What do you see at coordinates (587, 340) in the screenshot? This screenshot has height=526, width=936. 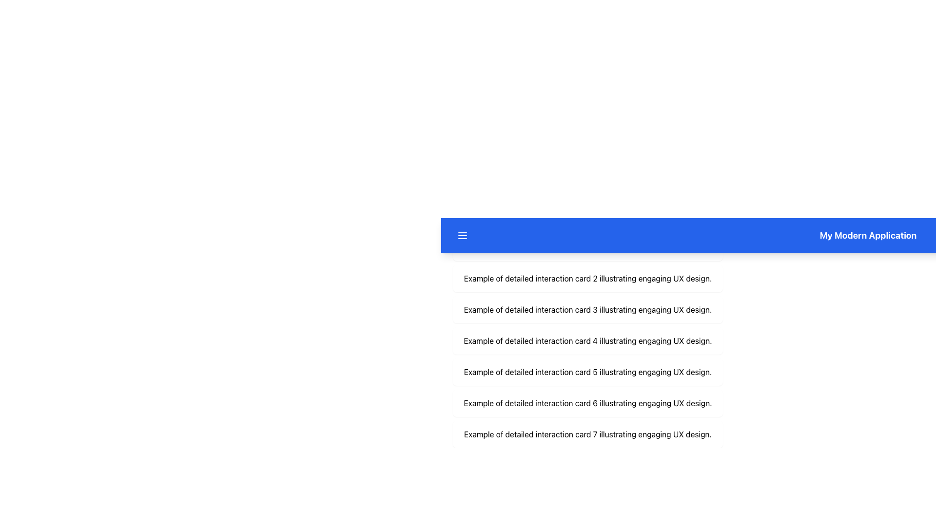 I see `the fourth static text card in a vertically stacked list, which is located centrally to the right of the navigation bar, for informational reading purposes` at bounding box center [587, 340].